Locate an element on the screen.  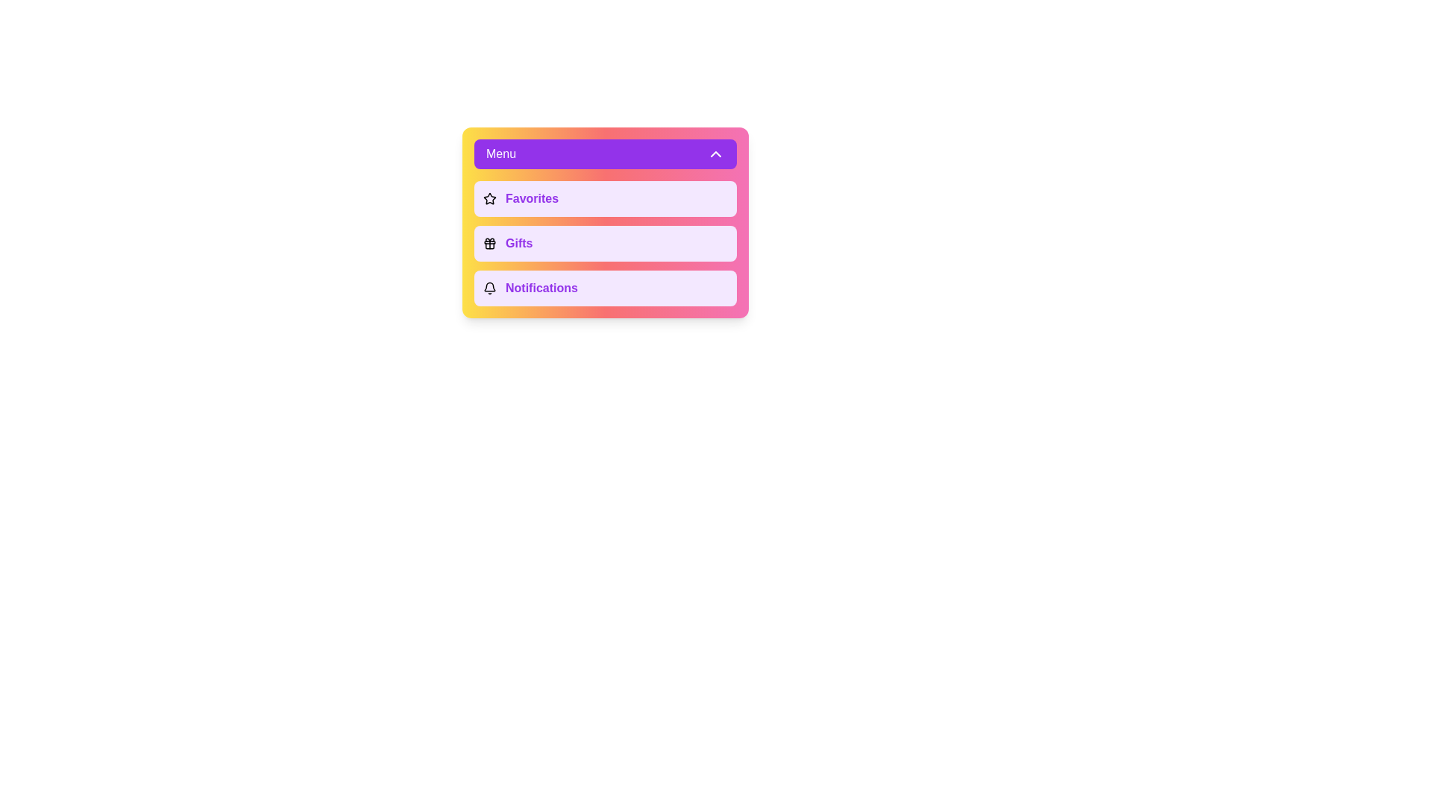
the menu option Favorites to see its hover effect is located at coordinates (605, 198).